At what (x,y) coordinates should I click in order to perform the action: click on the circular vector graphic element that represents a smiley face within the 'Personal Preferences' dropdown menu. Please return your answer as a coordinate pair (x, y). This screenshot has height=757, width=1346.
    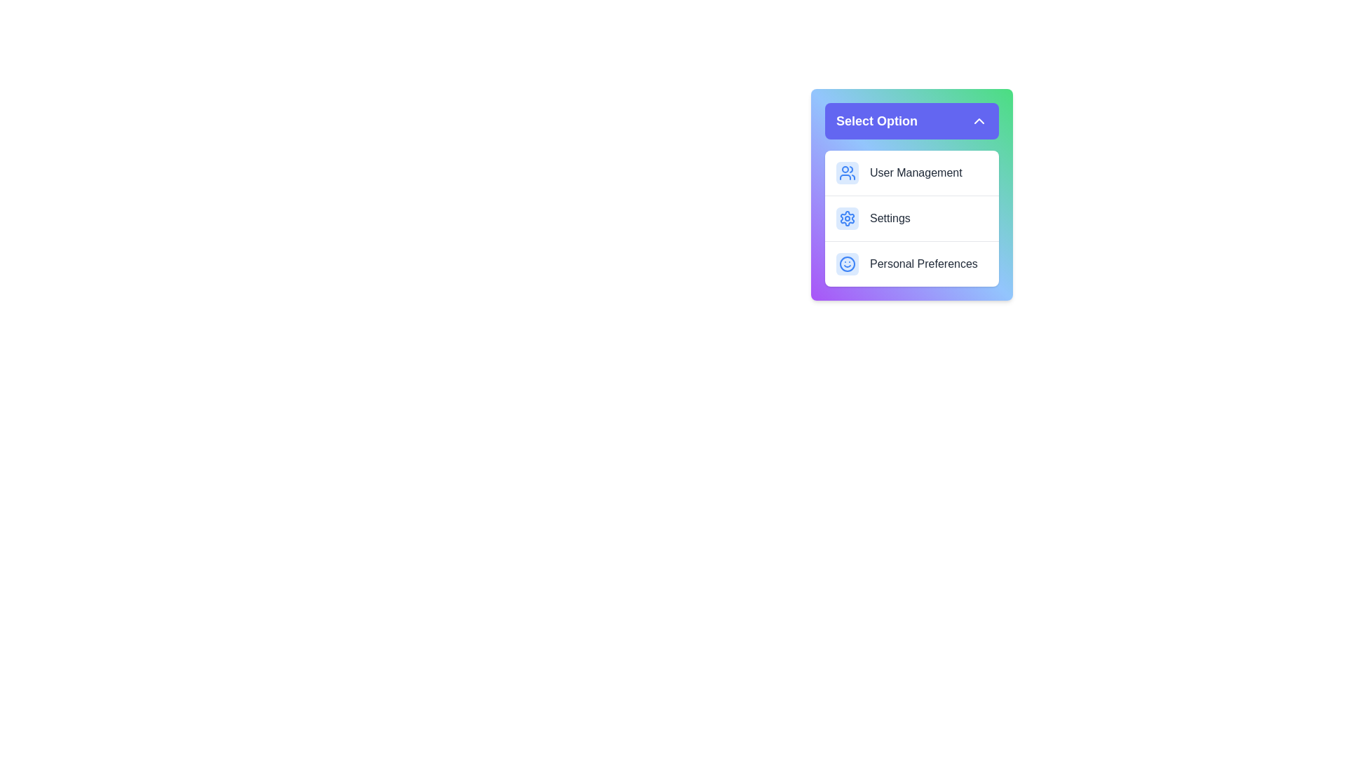
    Looking at the image, I should click on (847, 264).